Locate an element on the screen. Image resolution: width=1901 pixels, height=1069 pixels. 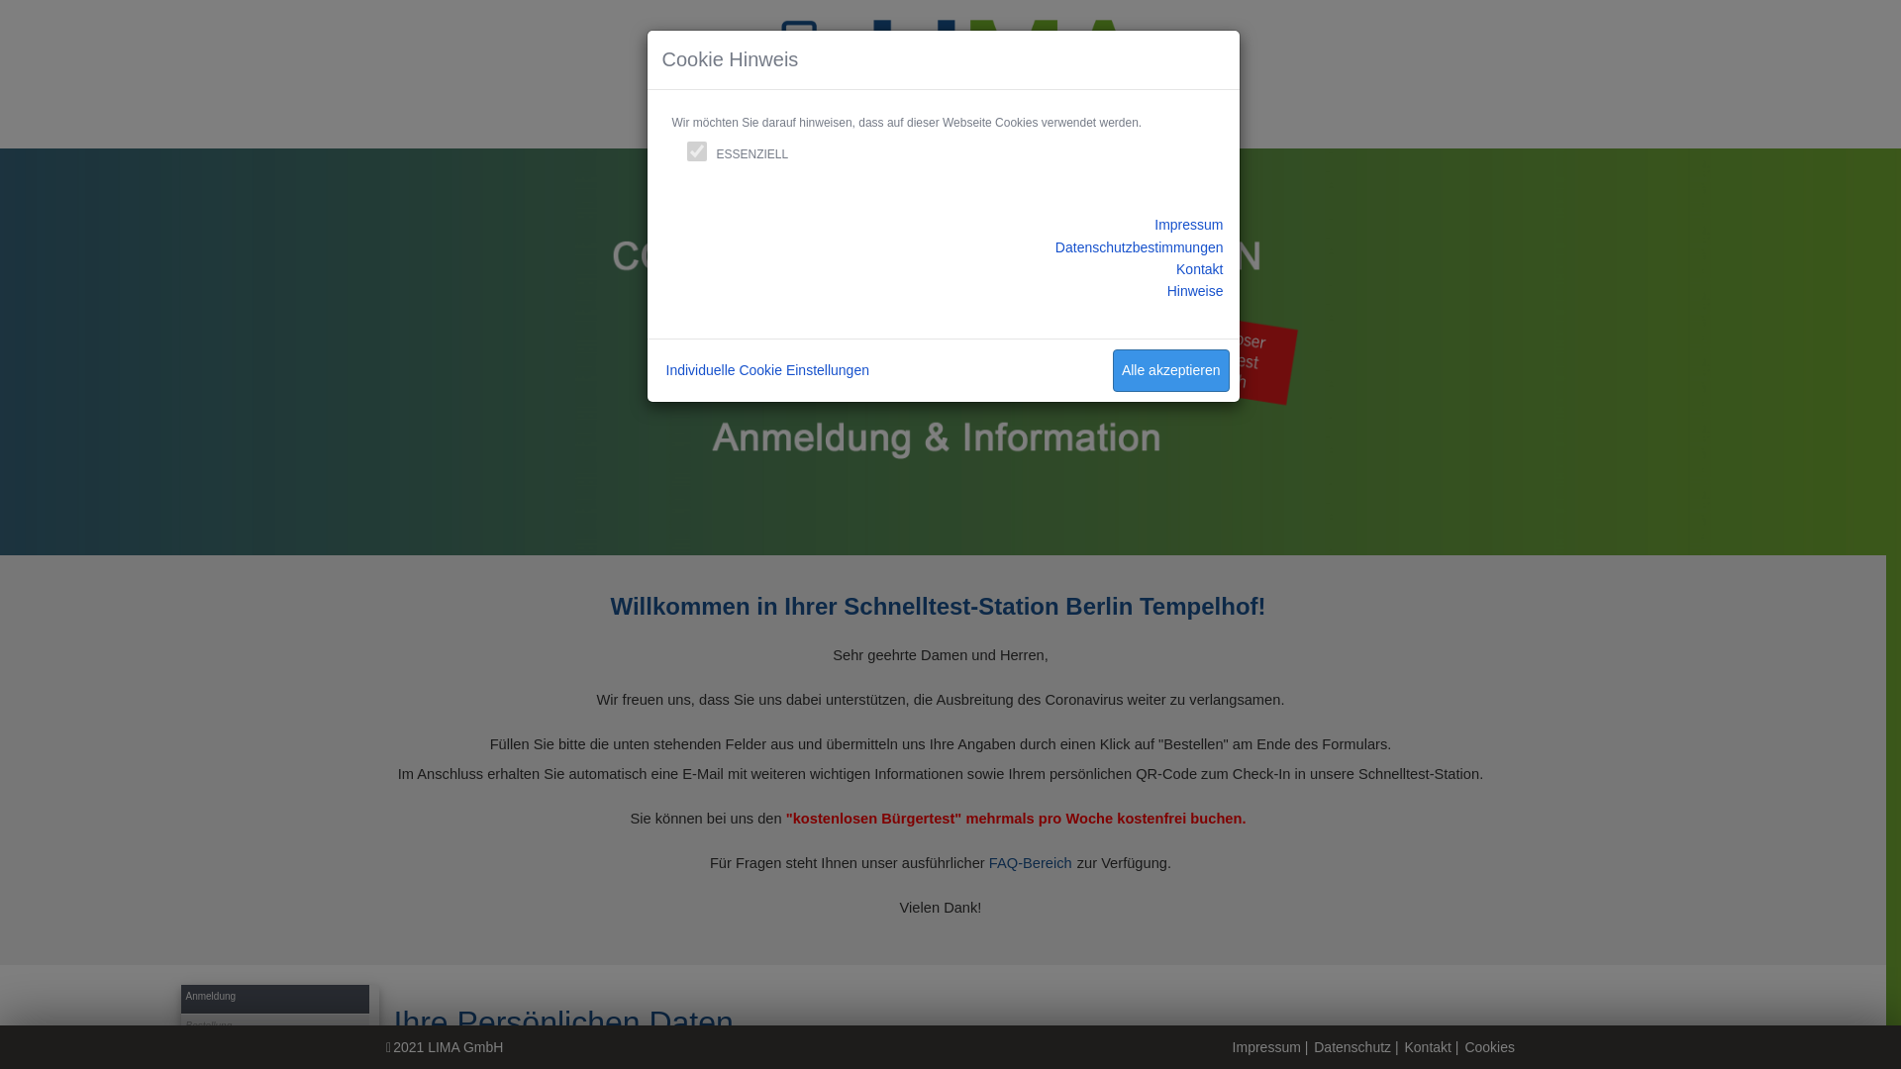
'Datenschutz' is located at coordinates (1351, 1045).